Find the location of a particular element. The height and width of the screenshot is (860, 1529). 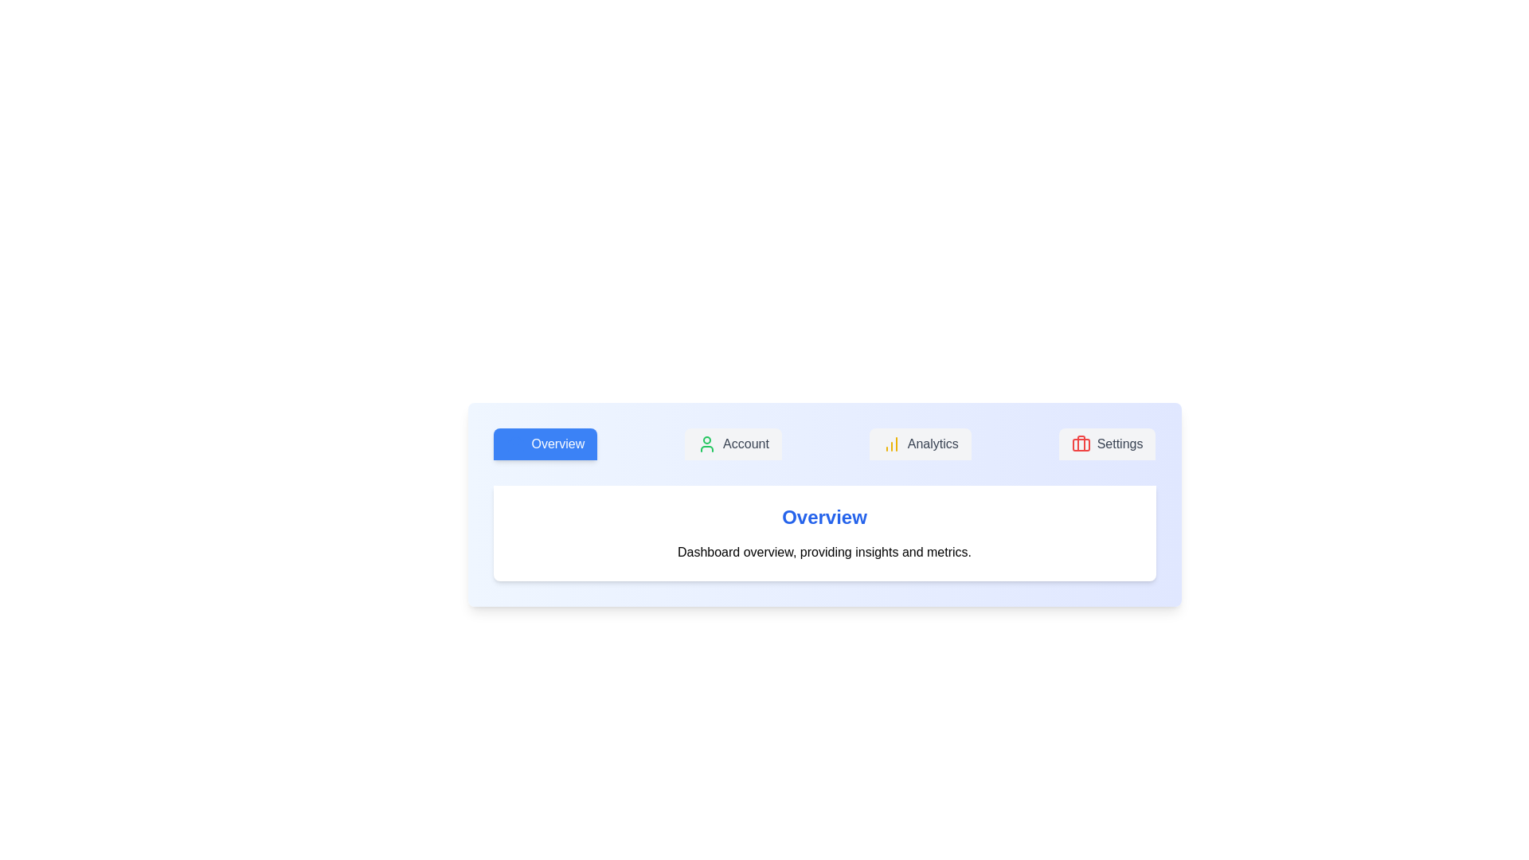

the tab labeled Analytics to observe its hover effect is located at coordinates (920, 444).